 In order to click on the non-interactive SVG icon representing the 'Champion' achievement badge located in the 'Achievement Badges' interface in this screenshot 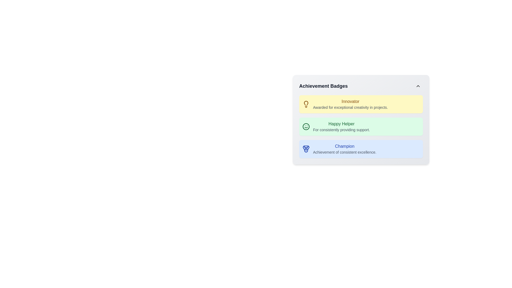, I will do `click(306, 148)`.